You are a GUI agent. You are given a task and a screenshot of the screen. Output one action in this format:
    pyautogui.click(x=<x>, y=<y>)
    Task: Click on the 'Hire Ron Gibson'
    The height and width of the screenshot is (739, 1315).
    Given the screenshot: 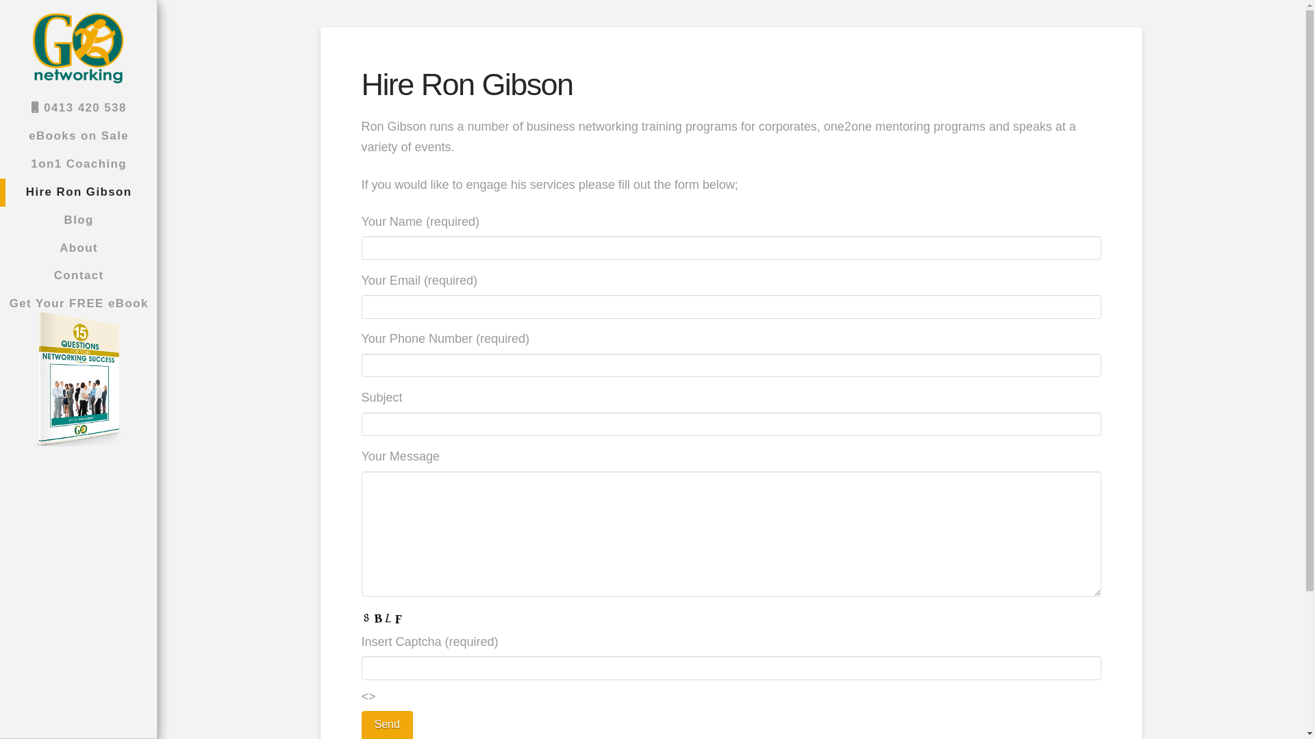 What is the action you would take?
    pyautogui.click(x=77, y=192)
    